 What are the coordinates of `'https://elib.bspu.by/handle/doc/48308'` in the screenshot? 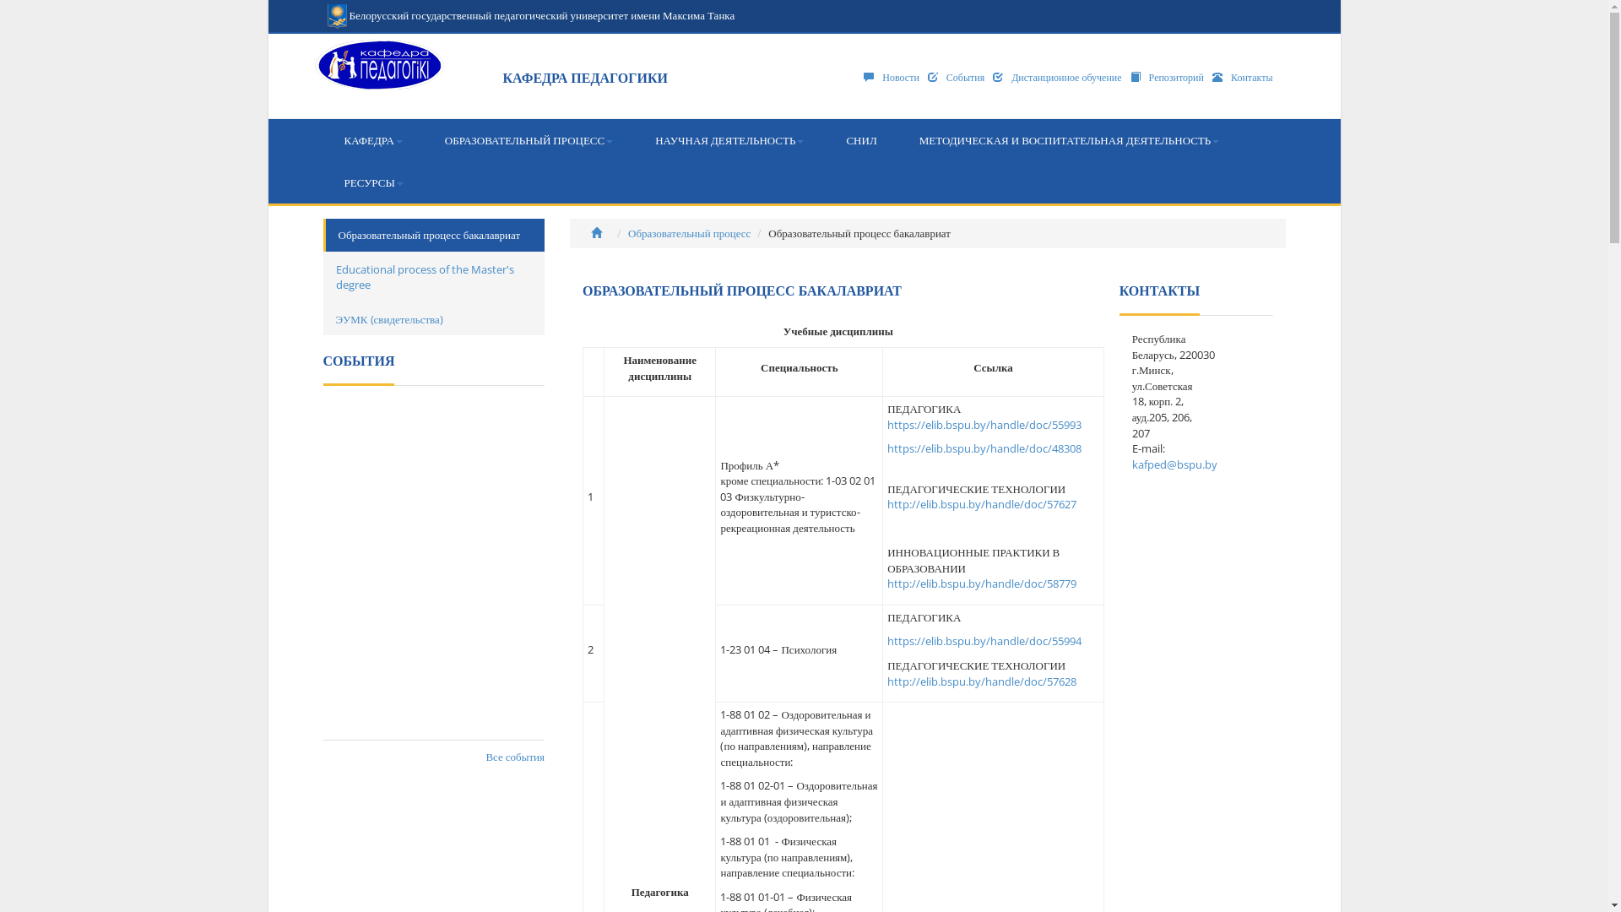 It's located at (984, 448).